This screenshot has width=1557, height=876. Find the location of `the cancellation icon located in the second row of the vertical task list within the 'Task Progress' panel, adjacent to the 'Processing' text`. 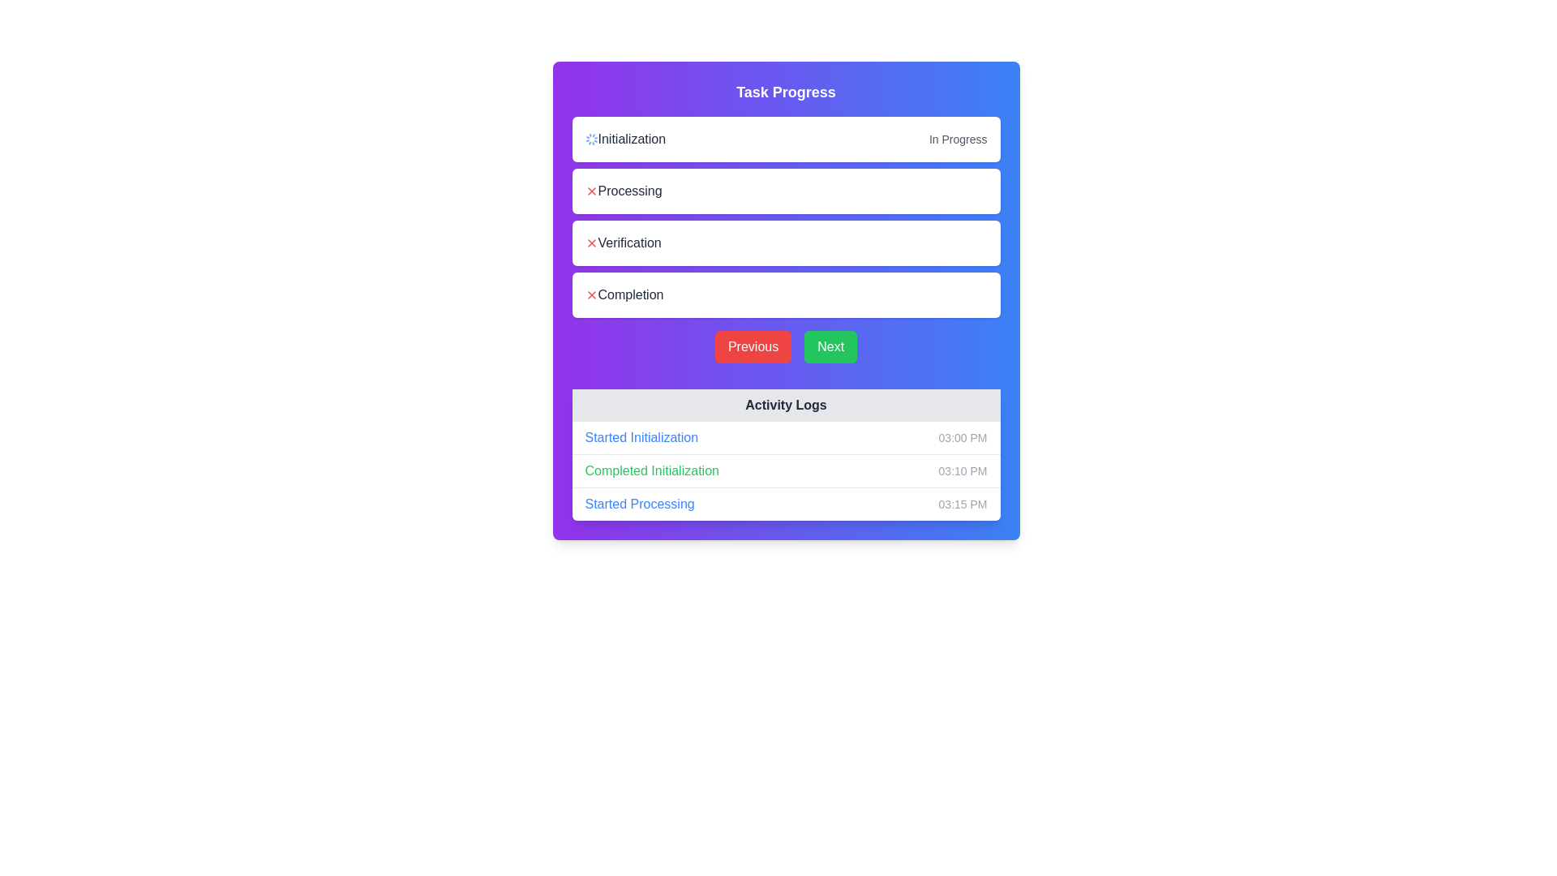

the cancellation icon located in the second row of the vertical task list within the 'Task Progress' panel, adjacent to the 'Processing' text is located at coordinates (590, 190).